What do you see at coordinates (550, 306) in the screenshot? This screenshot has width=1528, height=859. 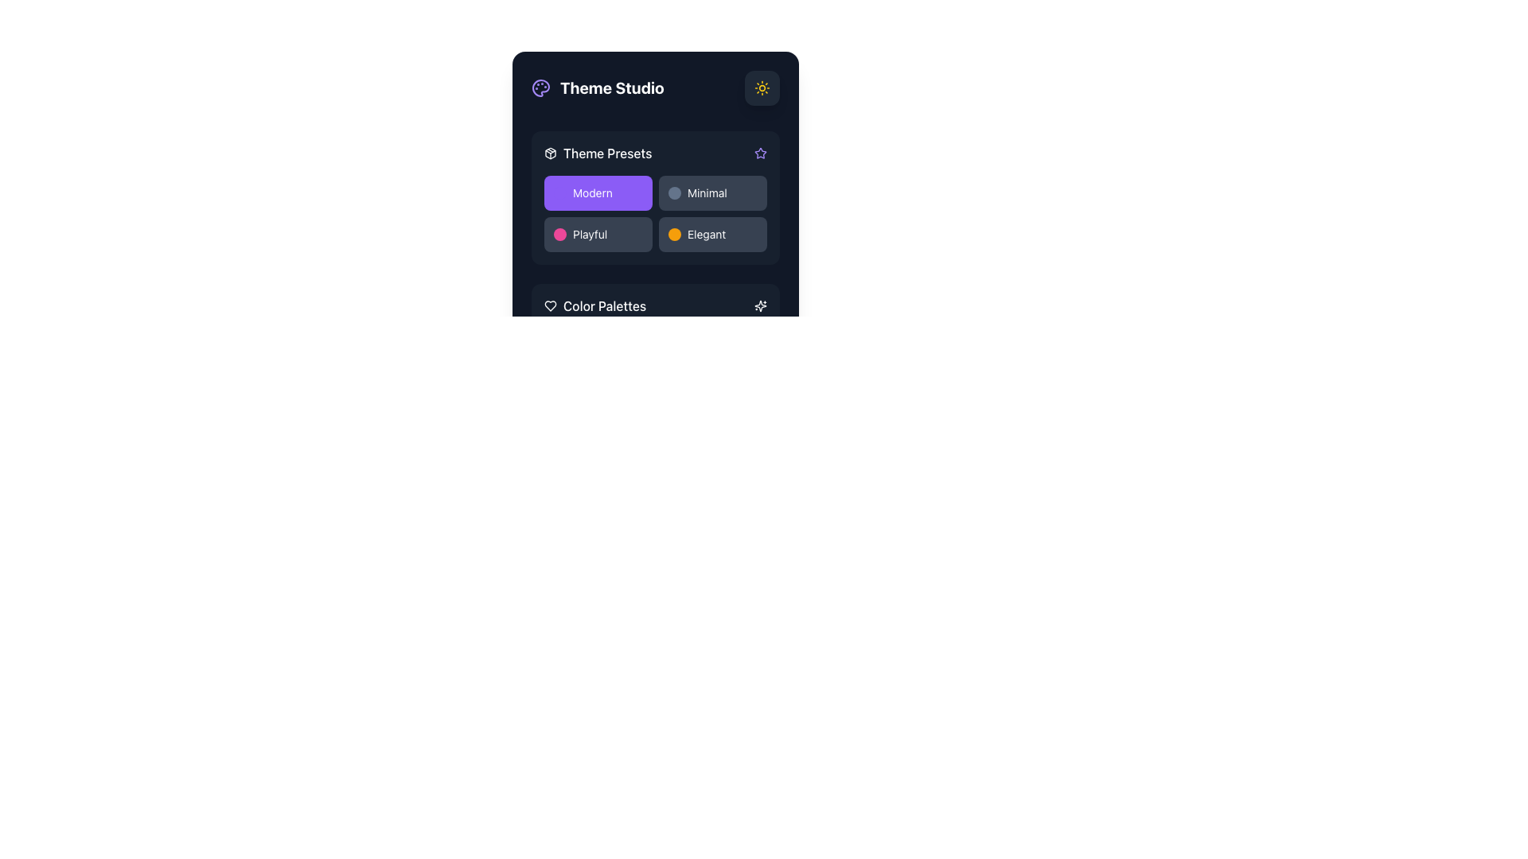 I see `the heart icon located in the middle right section of the interface that serves as an indicator for actions like showing affection, saving, or marking as favorite` at bounding box center [550, 306].